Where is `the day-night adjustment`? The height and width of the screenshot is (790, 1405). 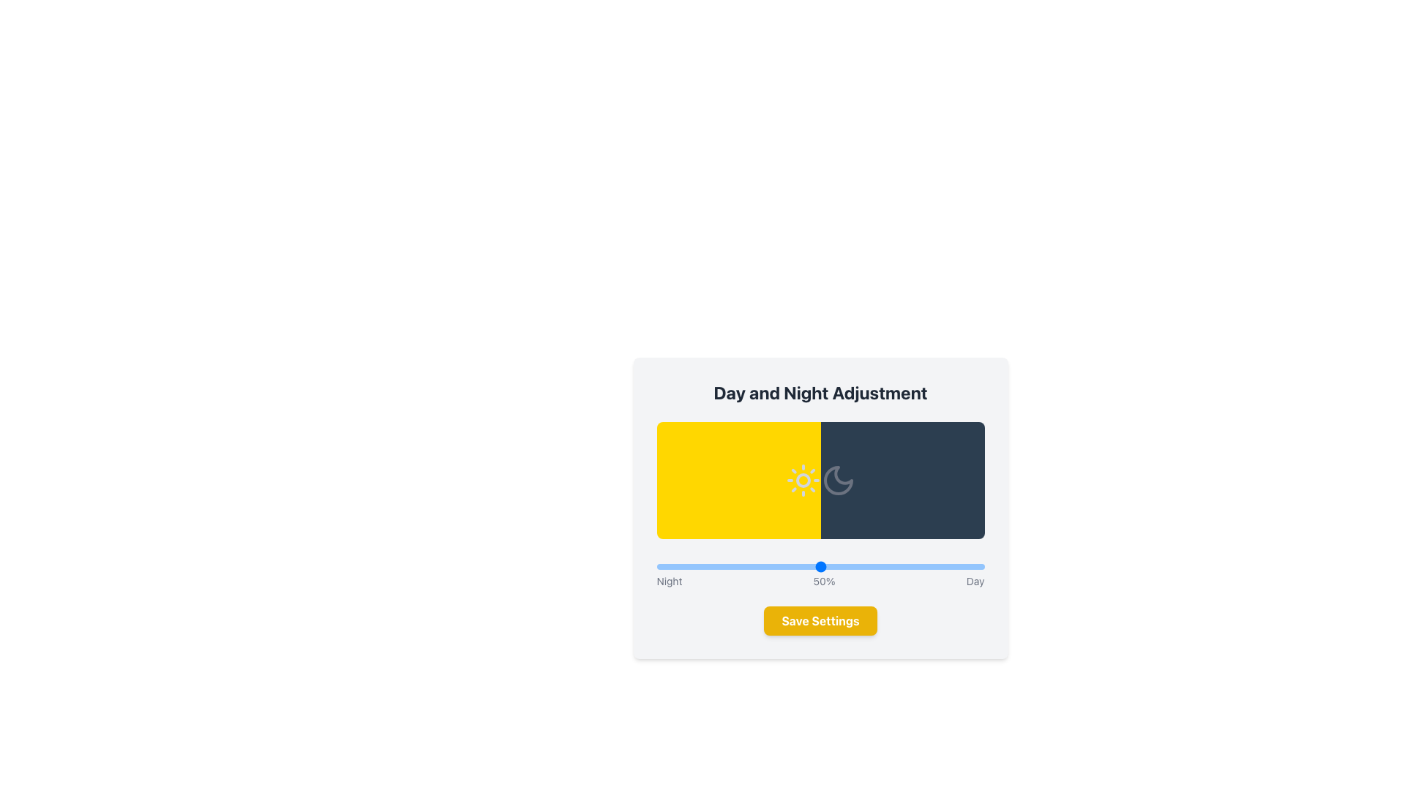 the day-night adjustment is located at coordinates (840, 566).